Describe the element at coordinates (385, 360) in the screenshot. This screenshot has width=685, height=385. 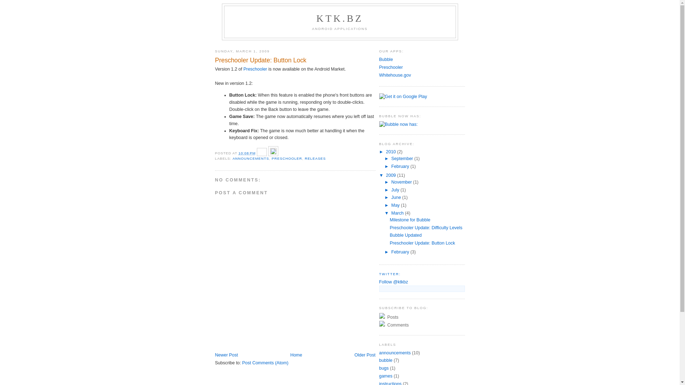
I see `'bubble'` at that location.